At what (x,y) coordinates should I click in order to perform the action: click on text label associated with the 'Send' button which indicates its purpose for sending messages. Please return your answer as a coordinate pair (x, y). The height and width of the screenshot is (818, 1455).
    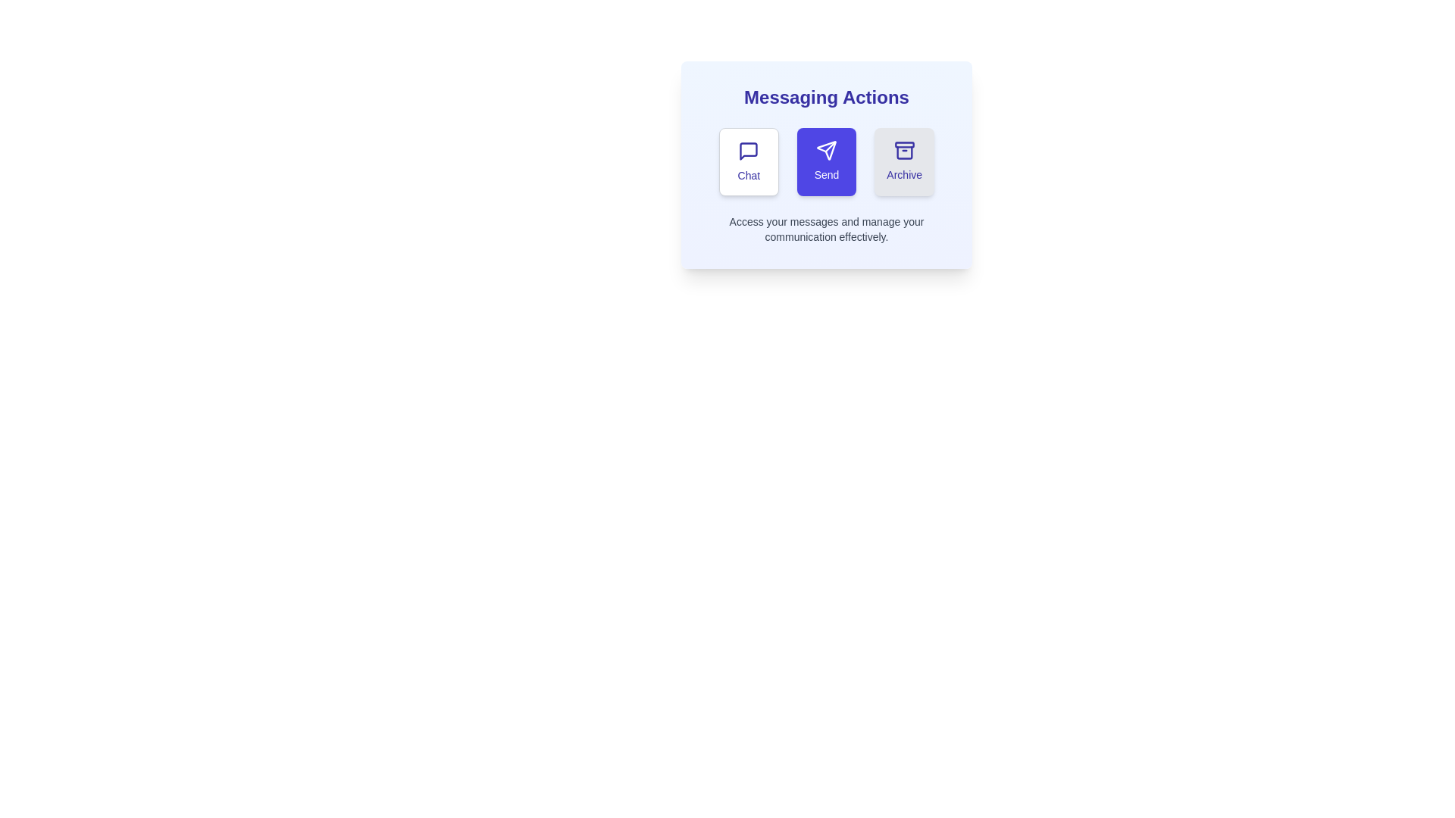
    Looking at the image, I should click on (825, 174).